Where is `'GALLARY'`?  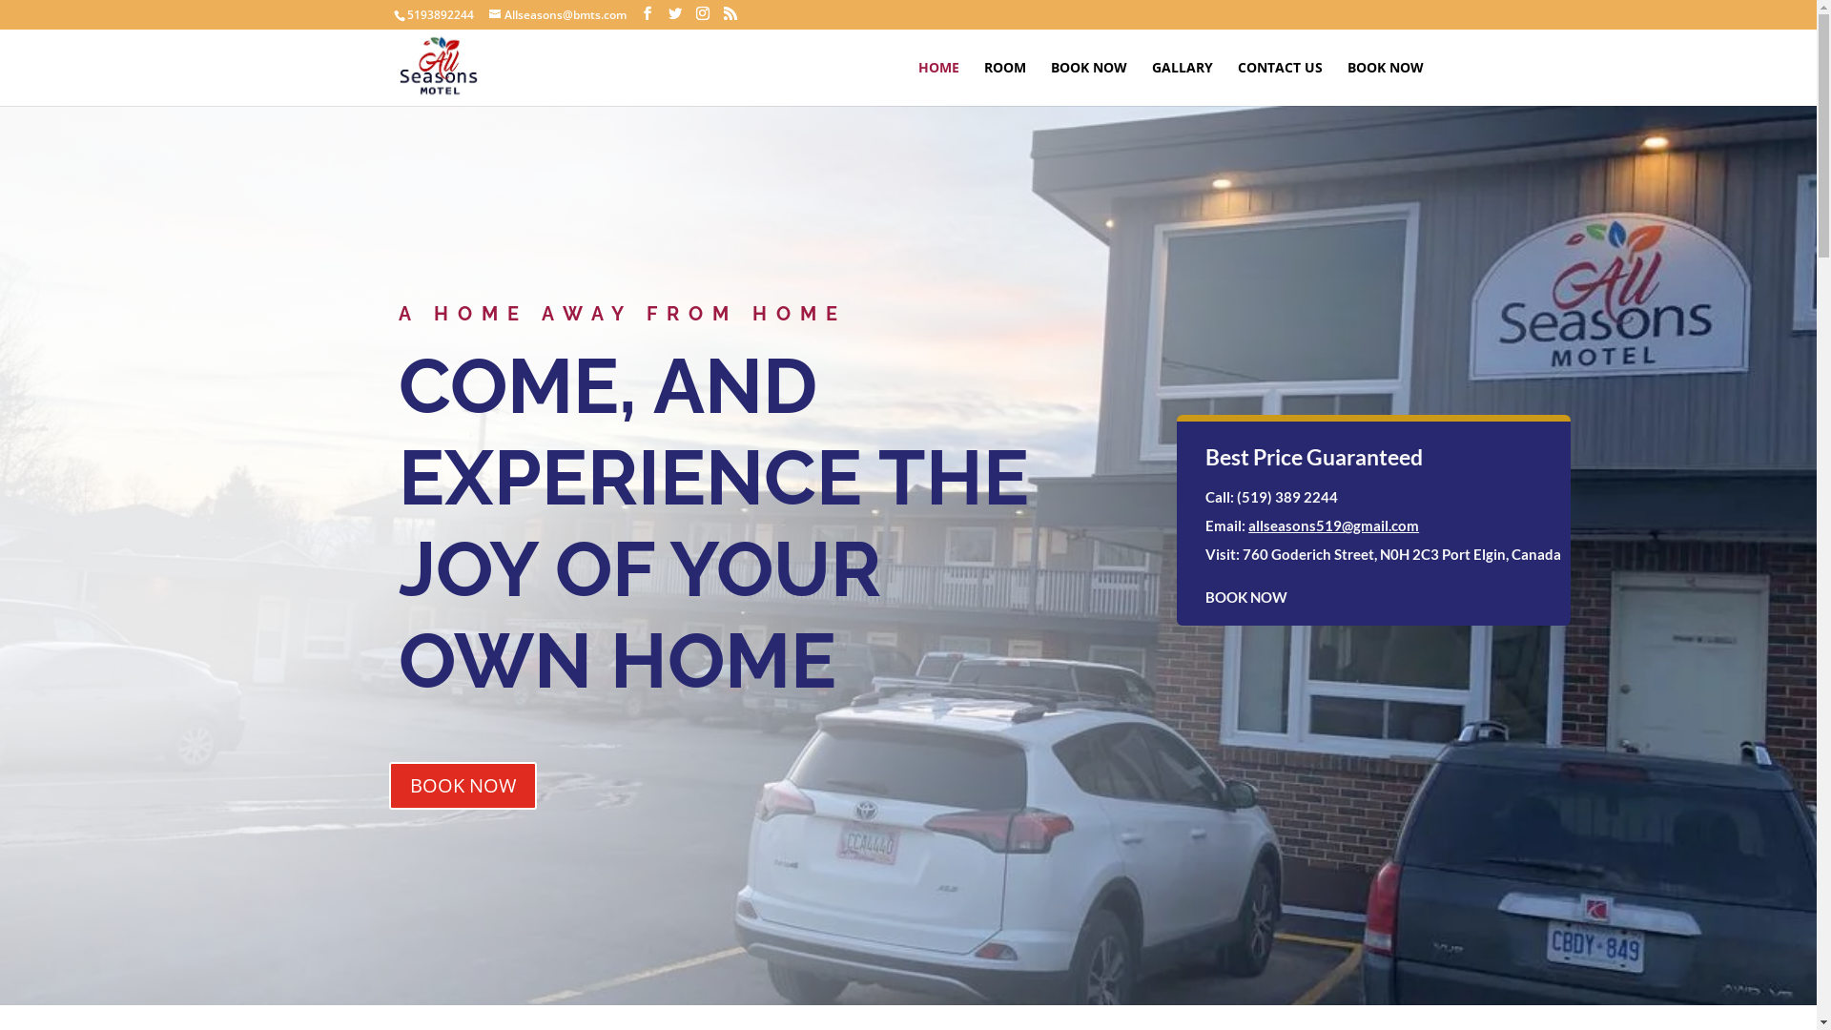
'GALLARY' is located at coordinates (1181, 82).